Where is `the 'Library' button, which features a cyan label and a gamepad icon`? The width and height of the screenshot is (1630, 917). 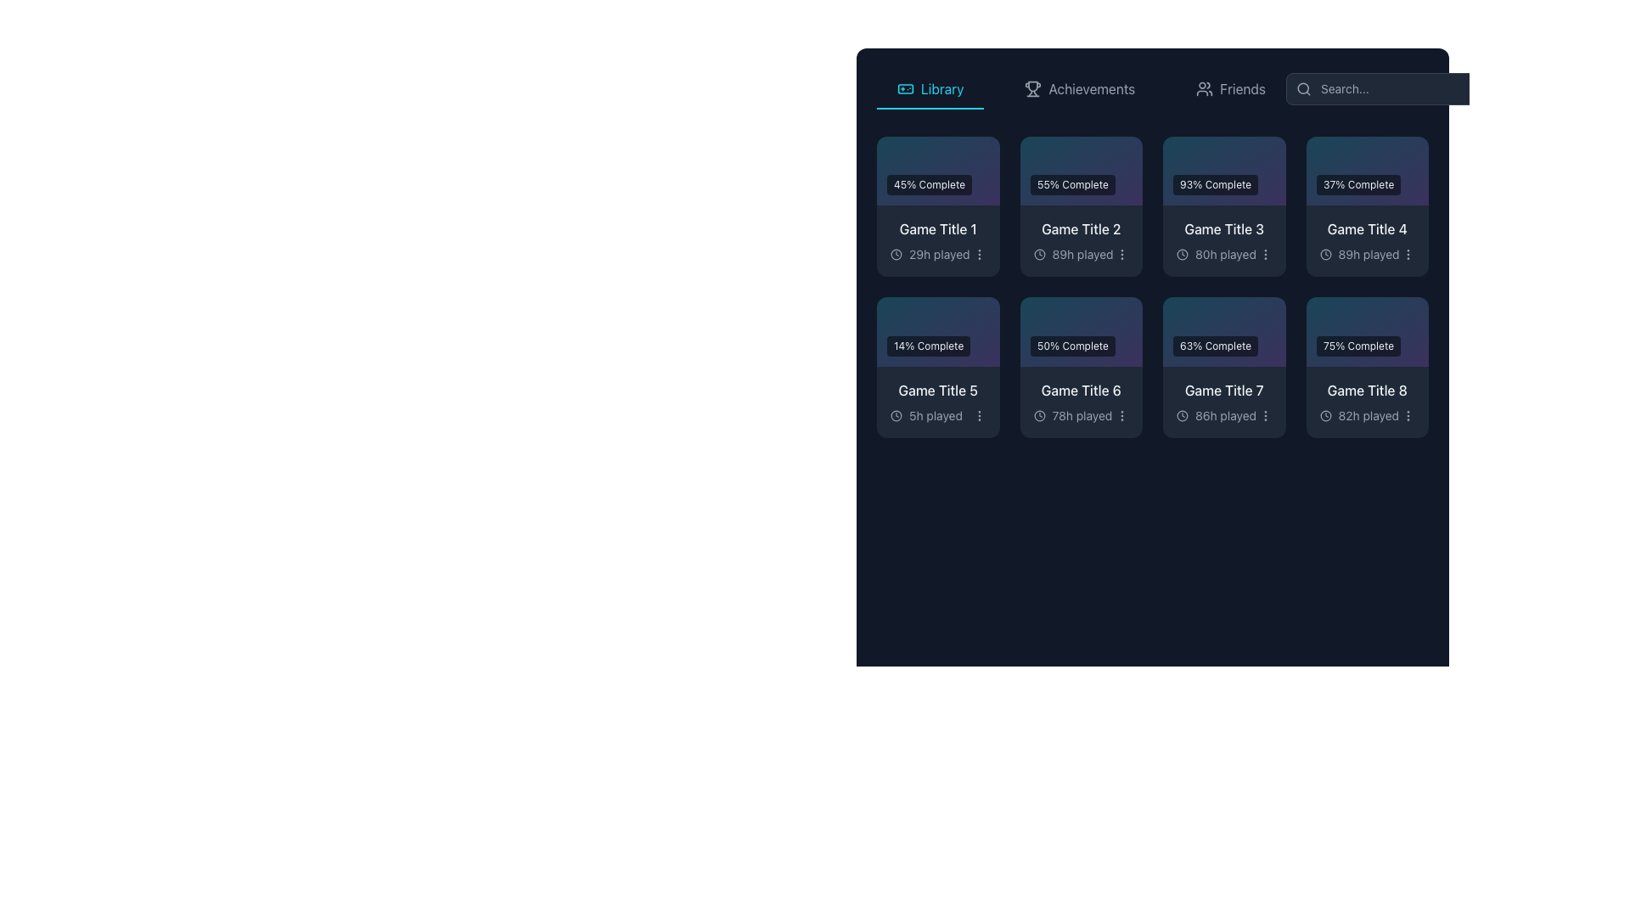
the 'Library' button, which features a cyan label and a gamepad icon is located at coordinates (930, 88).